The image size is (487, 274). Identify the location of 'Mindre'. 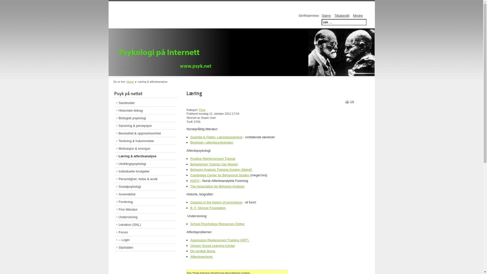
(357, 15).